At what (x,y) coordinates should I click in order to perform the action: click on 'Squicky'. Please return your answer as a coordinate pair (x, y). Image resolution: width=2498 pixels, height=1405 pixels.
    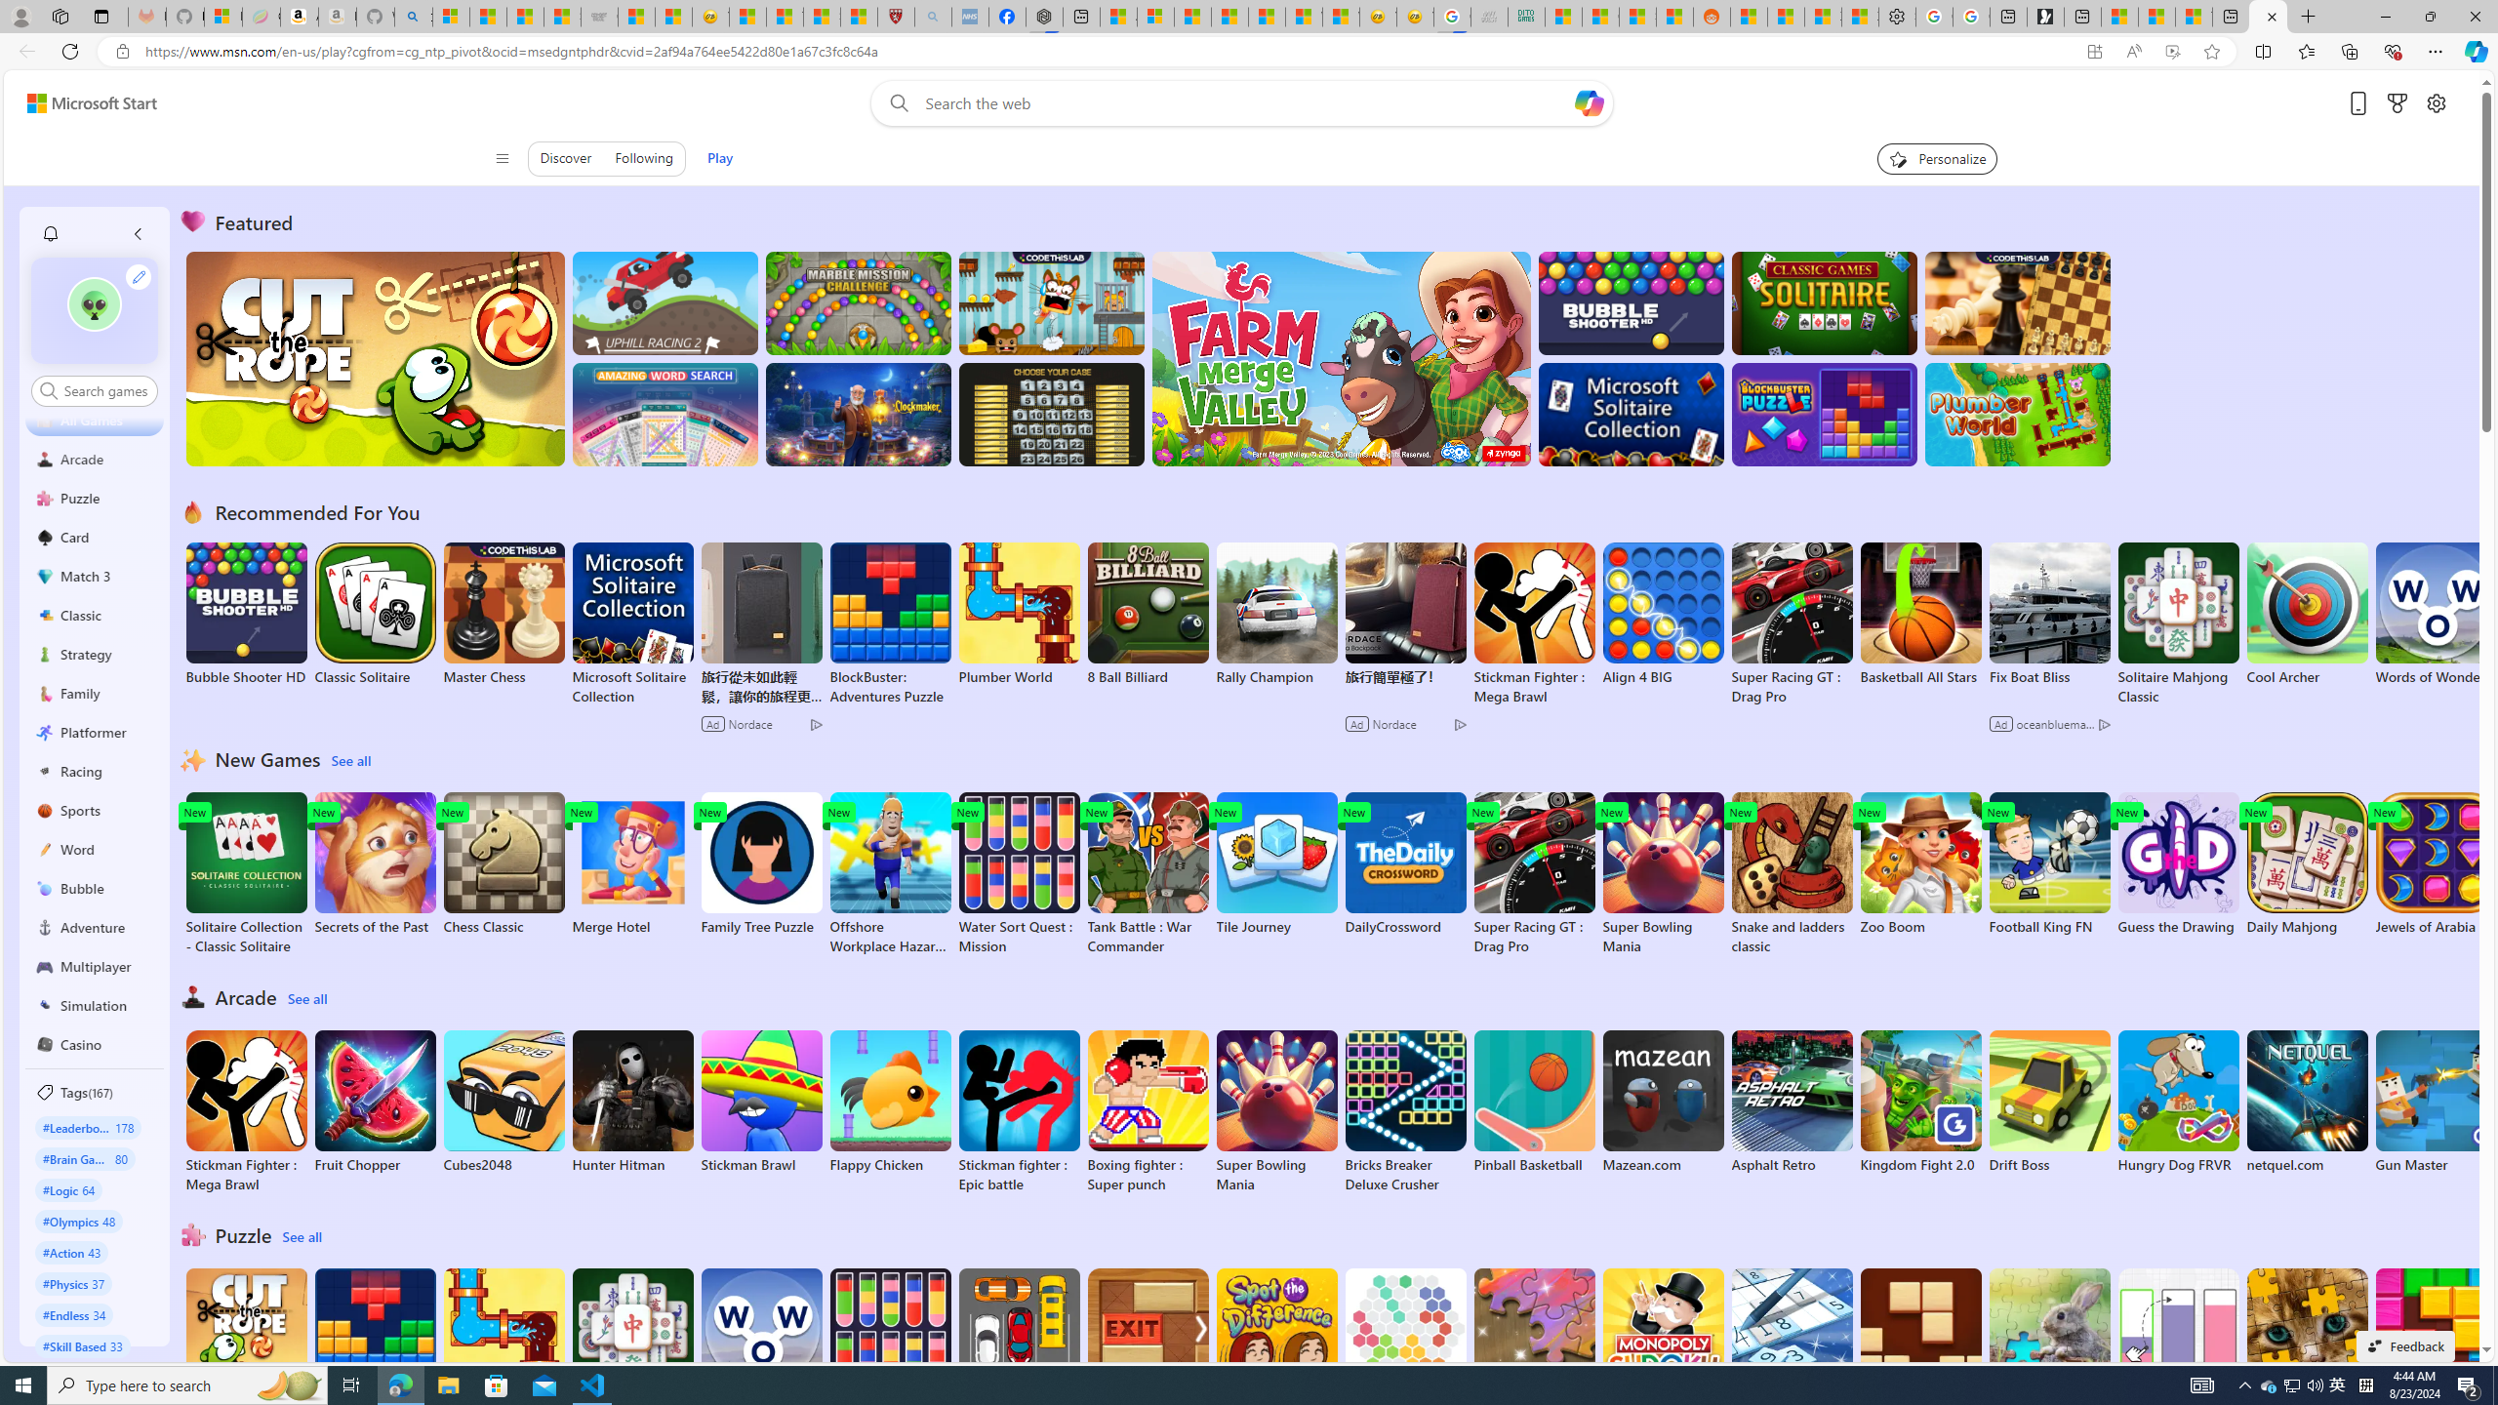
    Looking at the image, I should click on (1050, 302).